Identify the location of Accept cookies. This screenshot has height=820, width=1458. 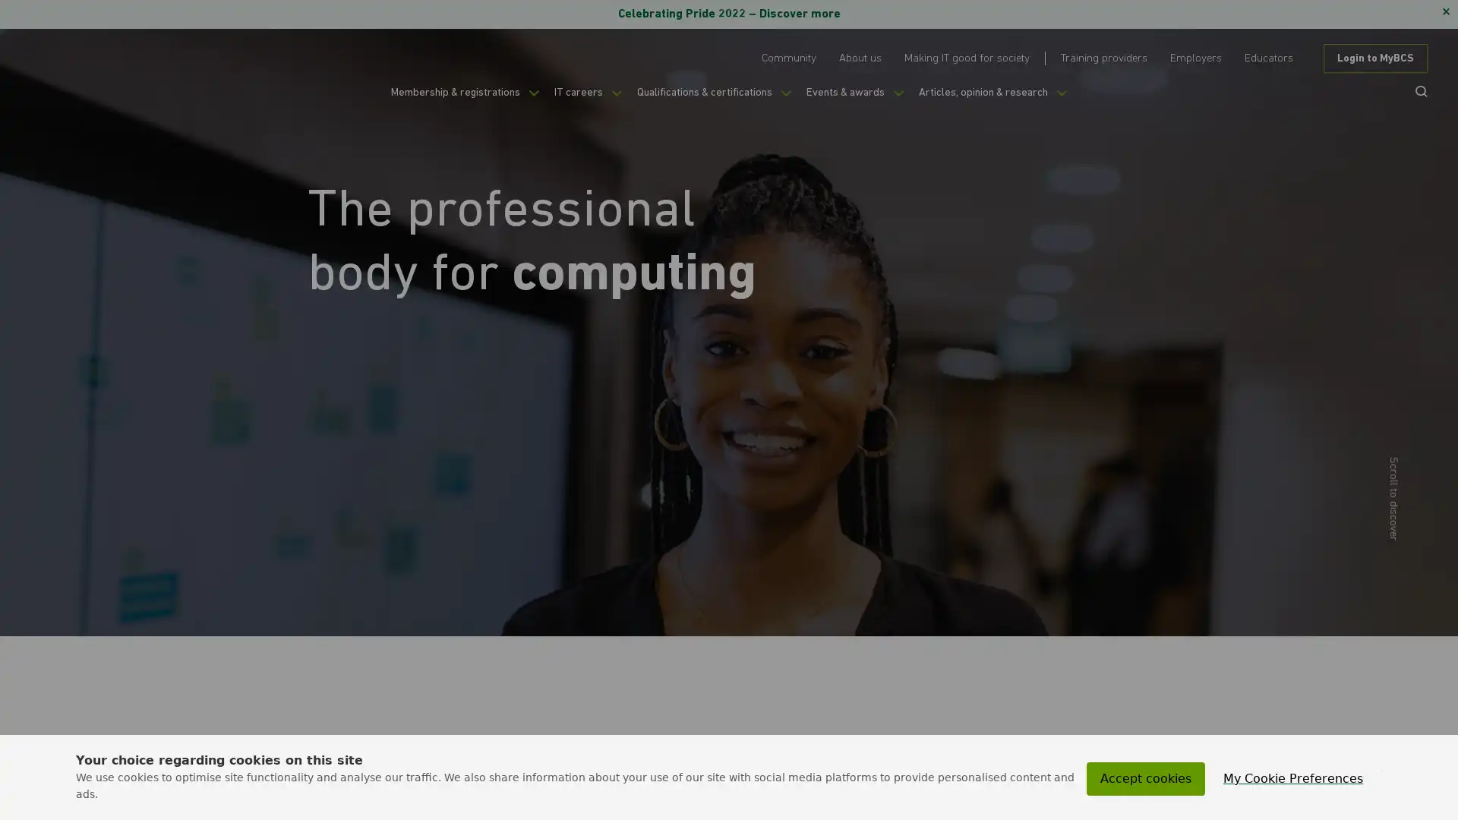
(1145, 779).